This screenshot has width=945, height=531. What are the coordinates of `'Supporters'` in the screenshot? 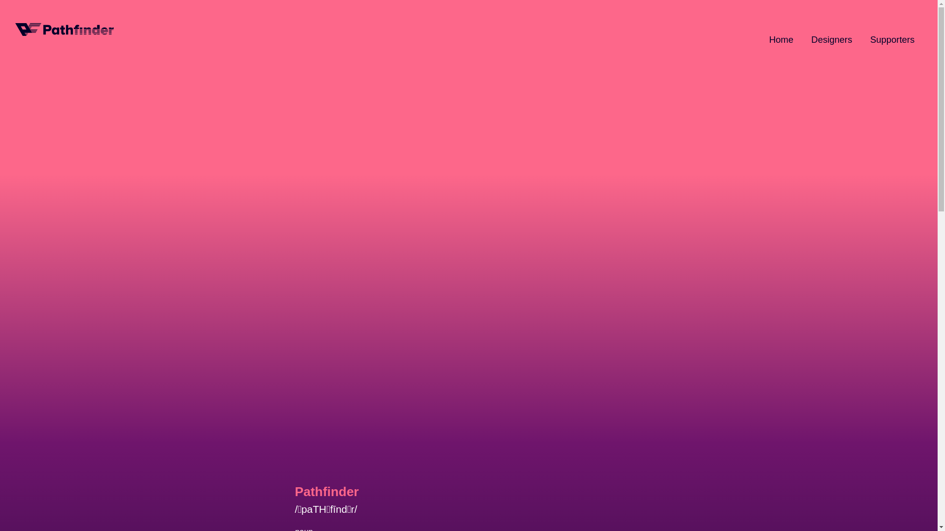 It's located at (862, 39).